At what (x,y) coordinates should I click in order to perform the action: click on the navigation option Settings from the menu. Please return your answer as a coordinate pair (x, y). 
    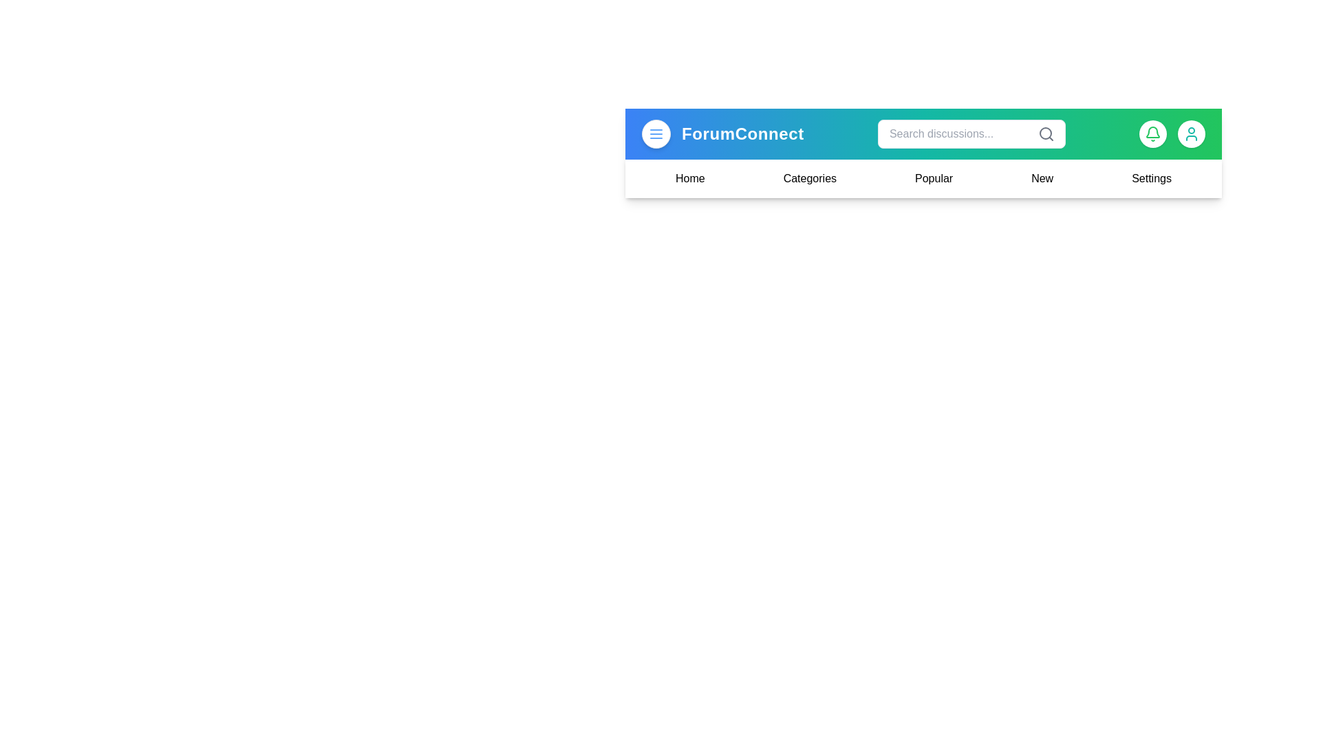
    Looking at the image, I should click on (1152, 177).